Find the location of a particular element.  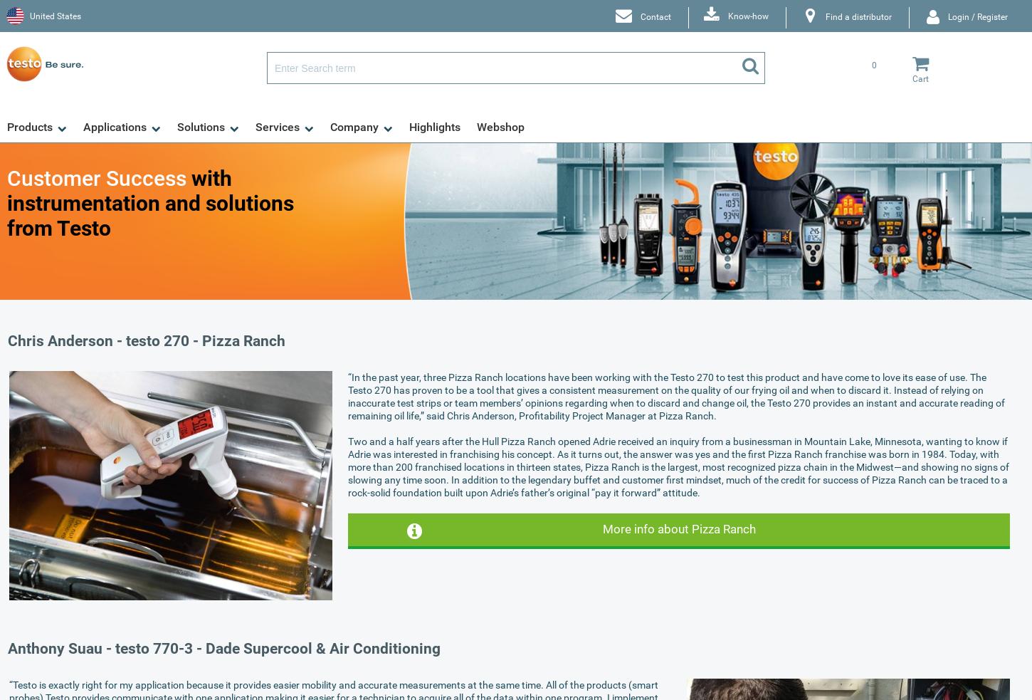

'Customer Success' is located at coordinates (98, 178).